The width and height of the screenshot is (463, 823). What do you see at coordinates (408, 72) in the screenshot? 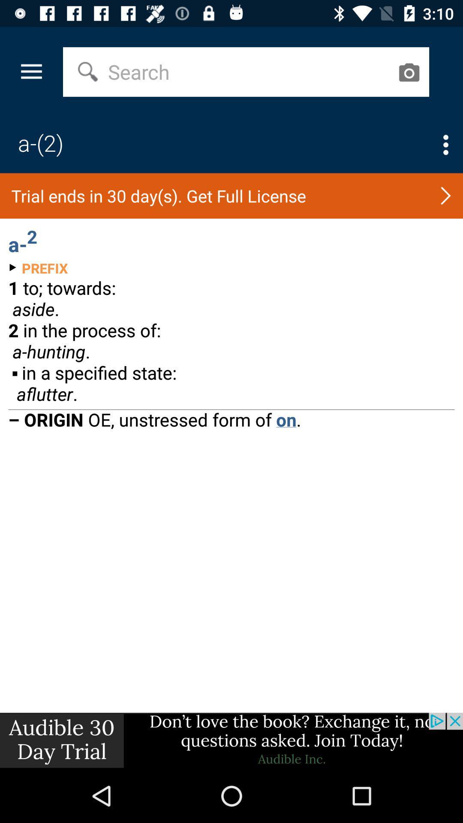
I see `picture scan` at bounding box center [408, 72].